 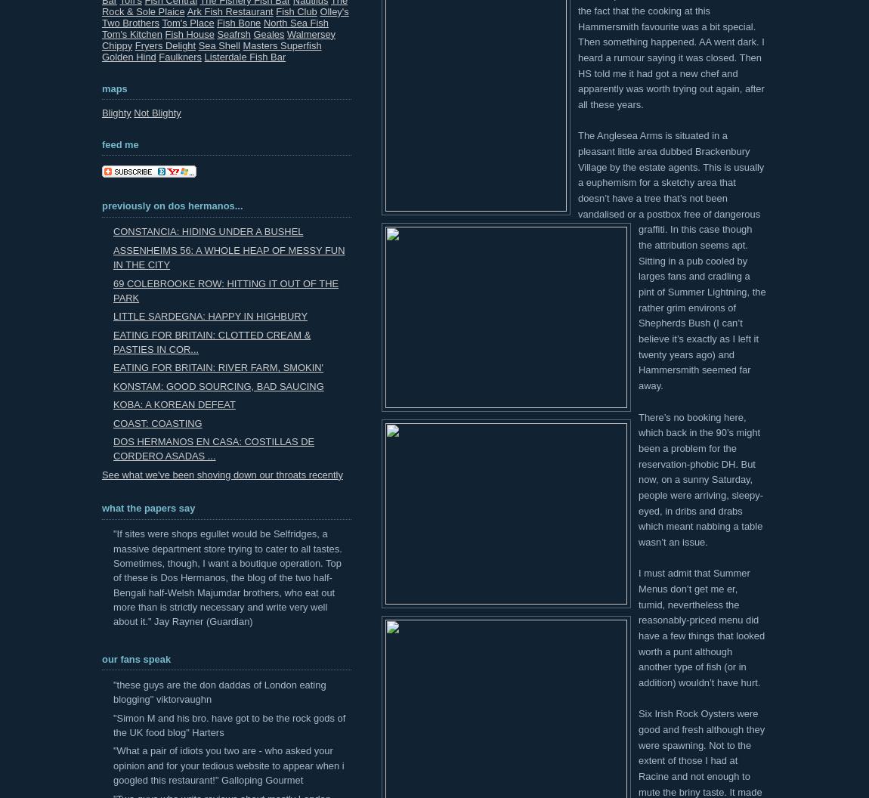 I want to click on 'Seafrsh', so click(x=233, y=33).